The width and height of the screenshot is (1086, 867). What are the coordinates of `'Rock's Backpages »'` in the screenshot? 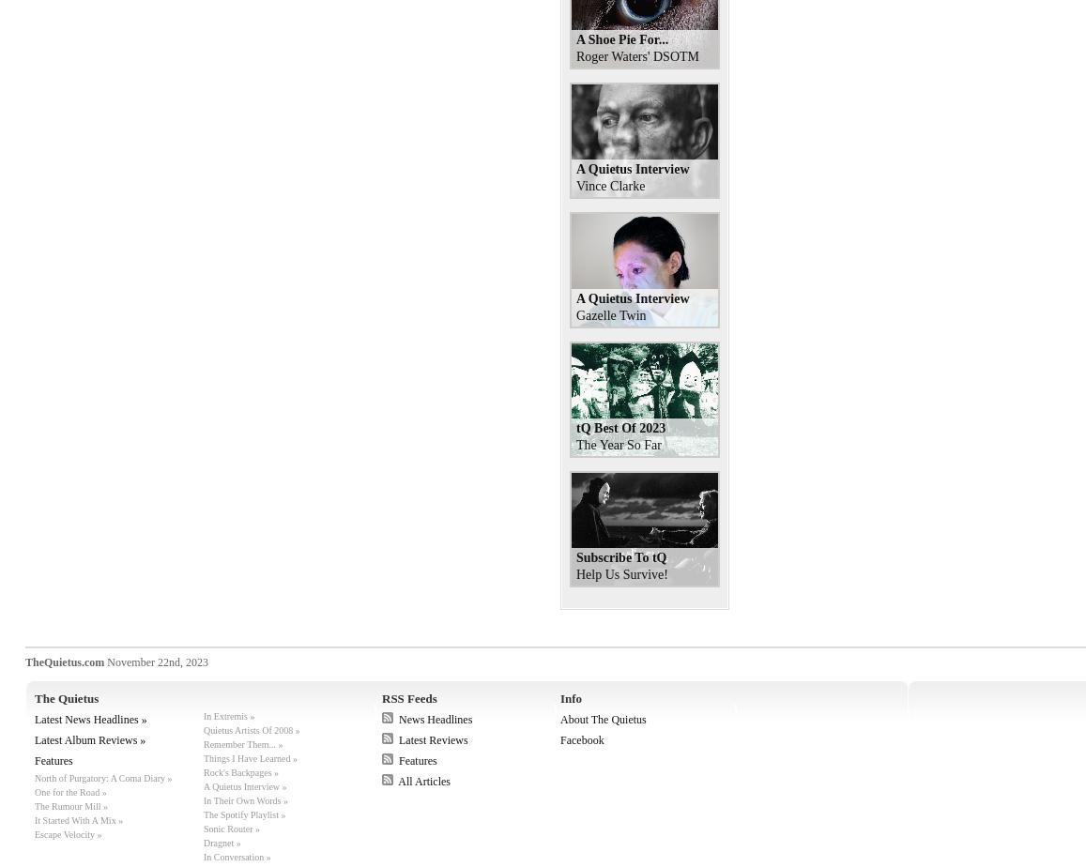 It's located at (240, 772).